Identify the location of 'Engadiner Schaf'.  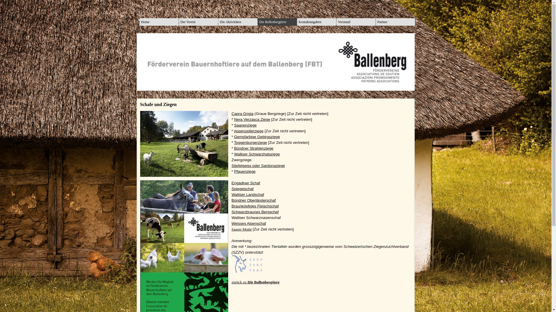
(232, 183).